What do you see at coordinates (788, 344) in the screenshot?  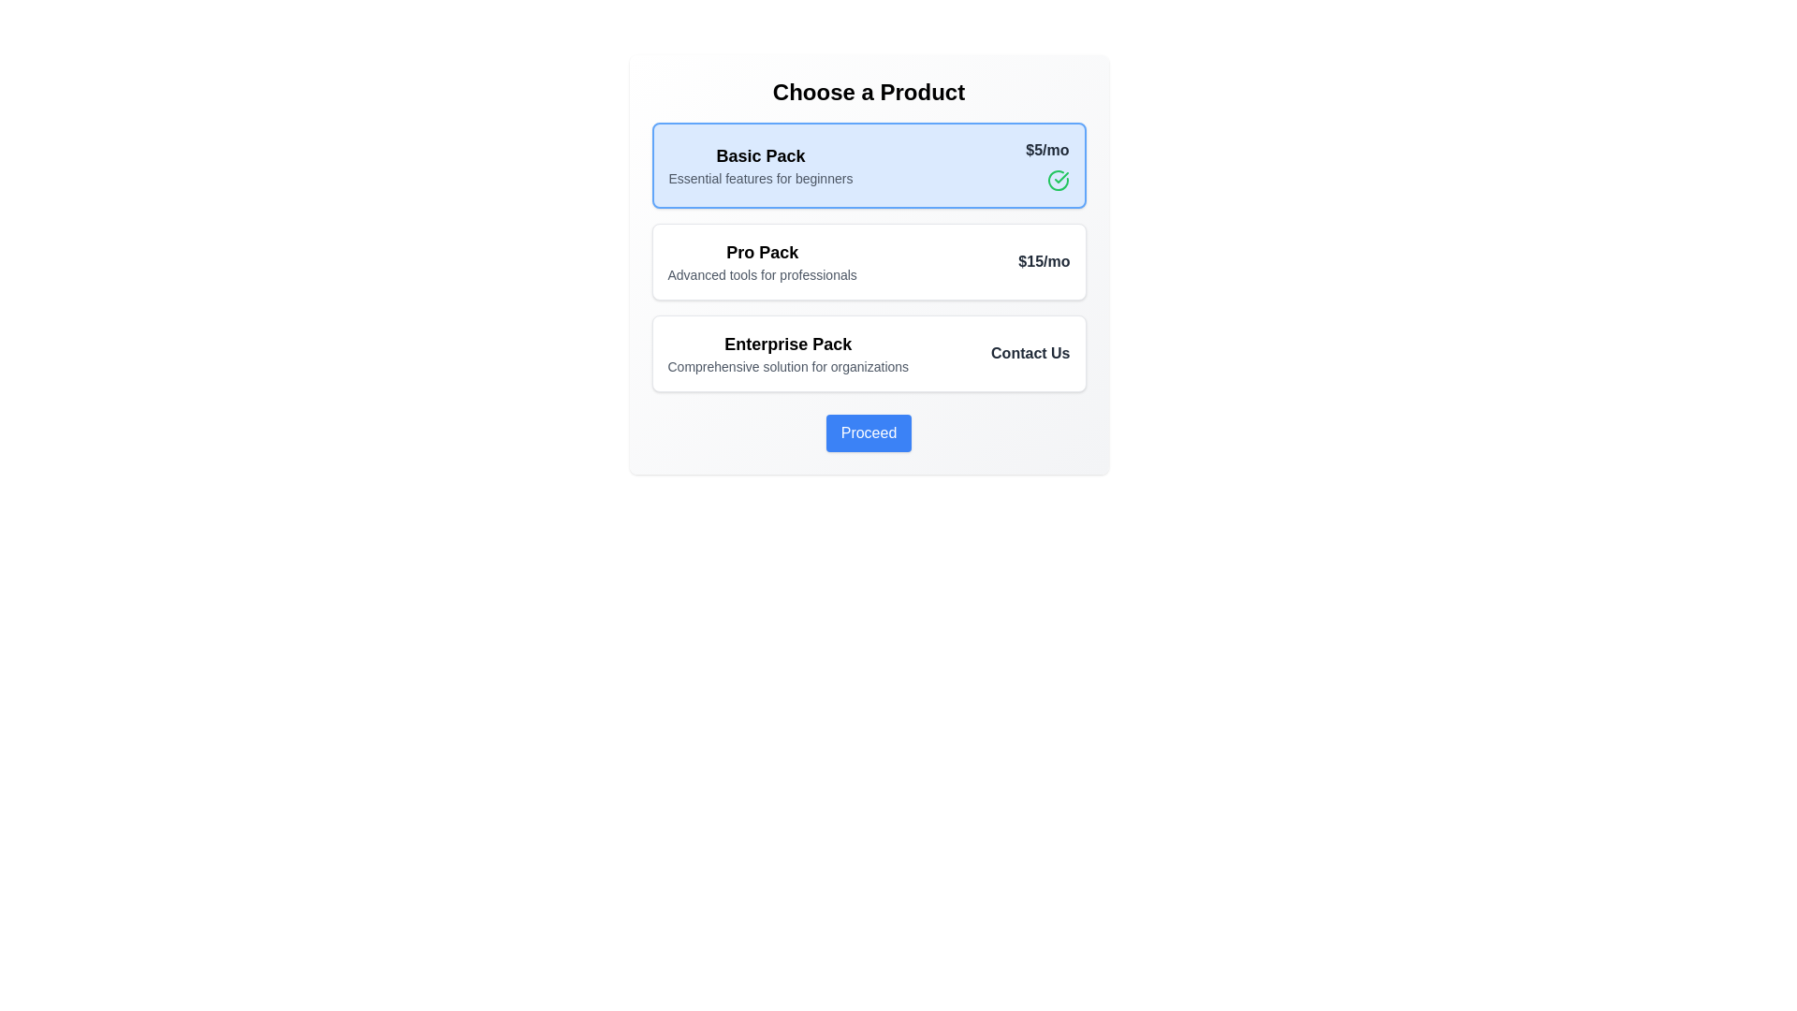 I see `the text label that displays 'Enterprise Pack', which is styled in bold and larger font, located centrally in its section and positioned between the 'Pro Pack' product and the 'Proceed' button` at bounding box center [788, 344].